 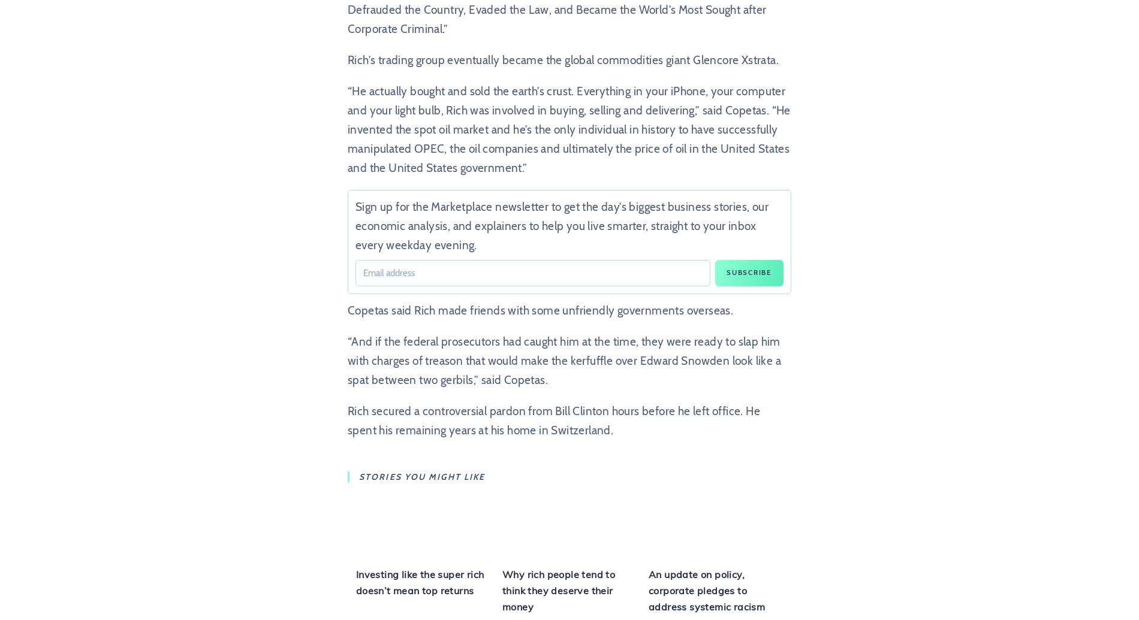 What do you see at coordinates (564, 360) in the screenshot?
I see `'“And if the federal prosecutors had caught him at the time, they were ready to slap him with charges of treason that would make the kerfuffle over Edward Snowden look like a spat between two gerbils,” said Copetas.'` at bounding box center [564, 360].